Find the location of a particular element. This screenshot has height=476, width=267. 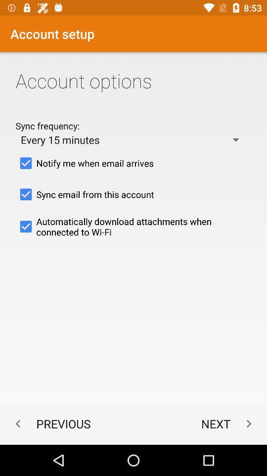

the previous is located at coordinates (50, 423).